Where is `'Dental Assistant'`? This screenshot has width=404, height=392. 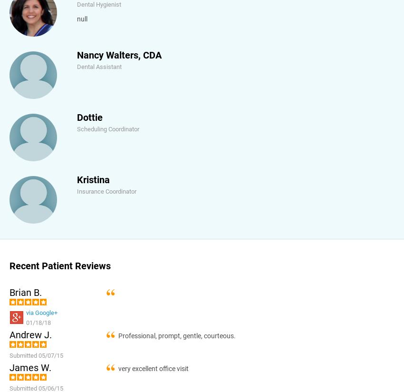
'Dental Assistant' is located at coordinates (99, 66).